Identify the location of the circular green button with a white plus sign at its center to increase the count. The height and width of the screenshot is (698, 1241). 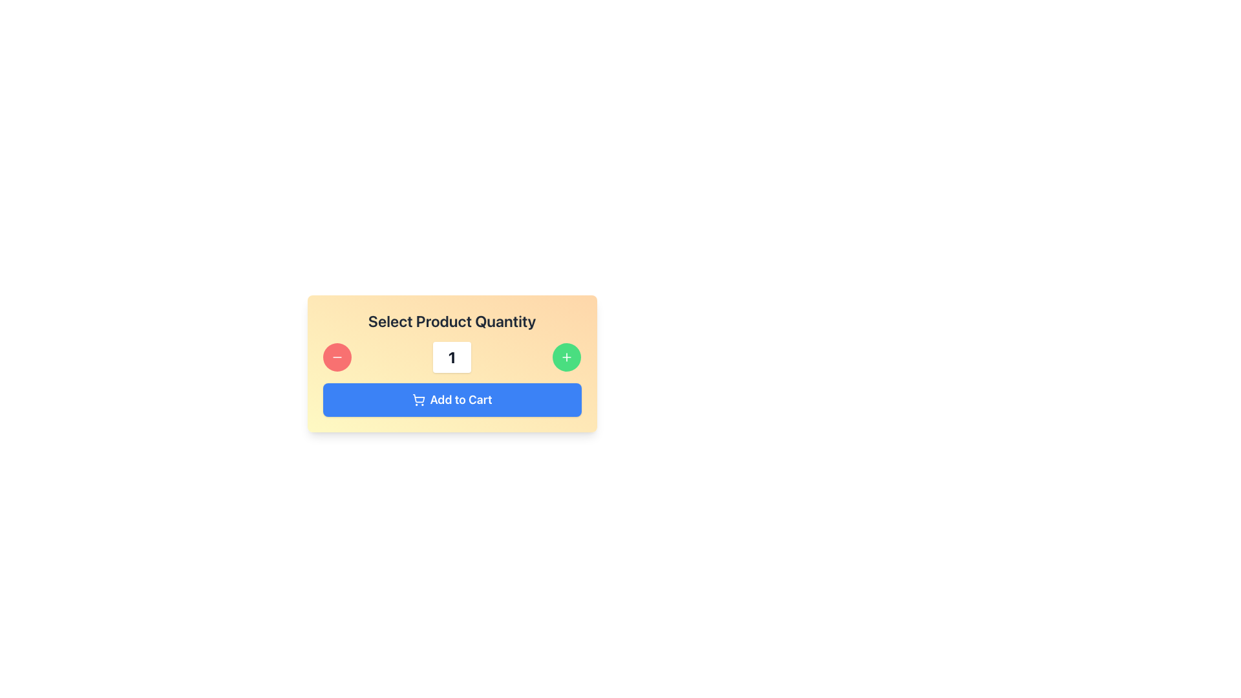
(567, 357).